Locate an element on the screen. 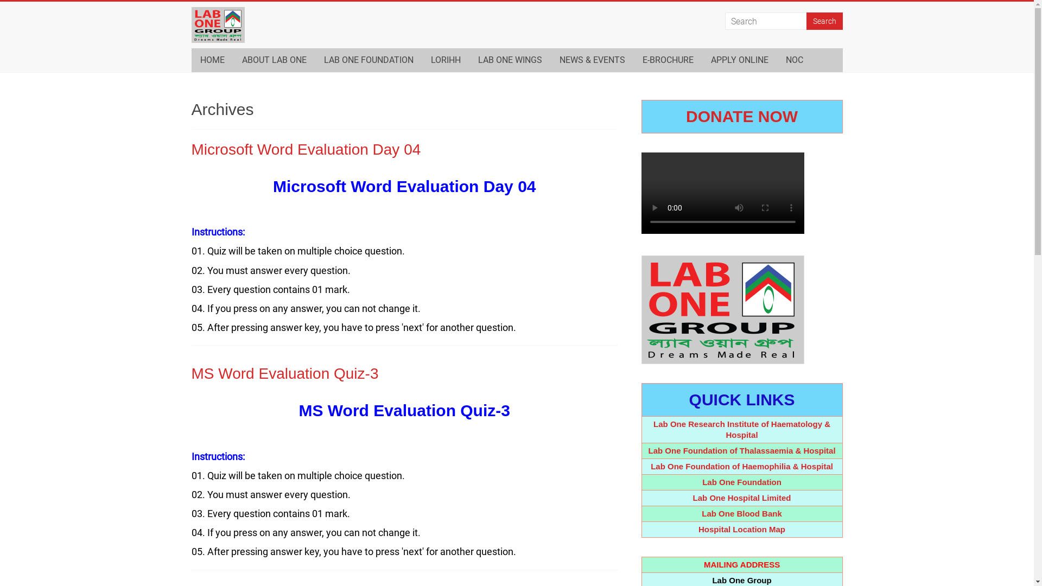 Image resolution: width=1042 pixels, height=586 pixels. 'LAB ONE FOUNDATION' is located at coordinates (368, 60).